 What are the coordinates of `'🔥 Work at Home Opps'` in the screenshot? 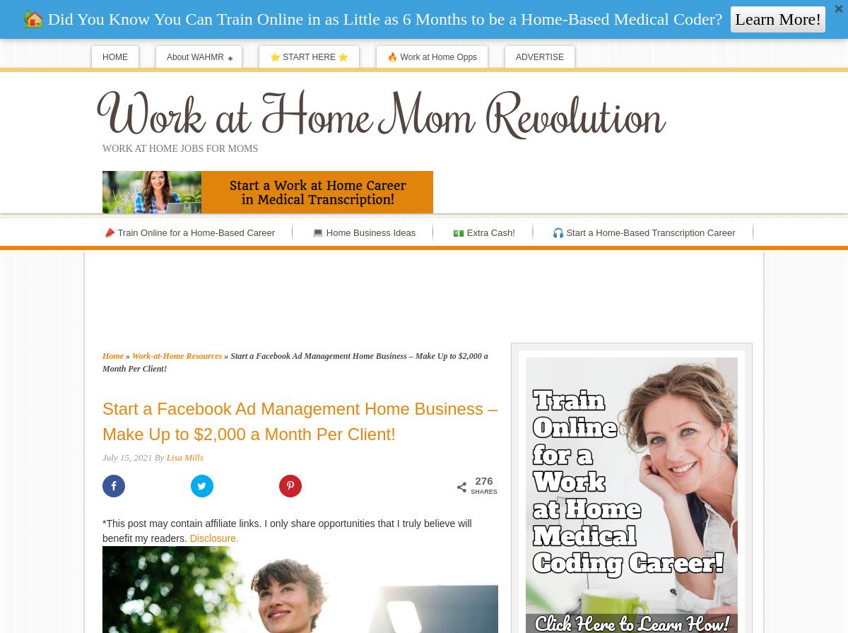 It's located at (387, 57).